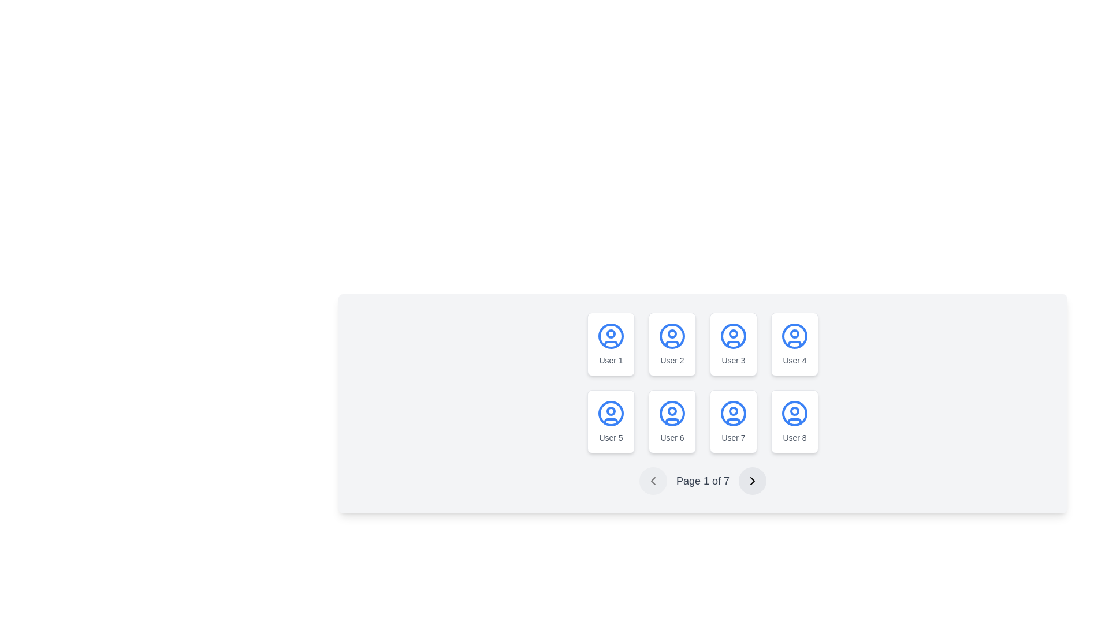 Image resolution: width=1109 pixels, height=623 pixels. What do you see at coordinates (753, 481) in the screenshot?
I see `the Chevron navigation icon located centrally within the circular button to the right of the pagination controls labeled 'Page 1 of 7'` at bounding box center [753, 481].